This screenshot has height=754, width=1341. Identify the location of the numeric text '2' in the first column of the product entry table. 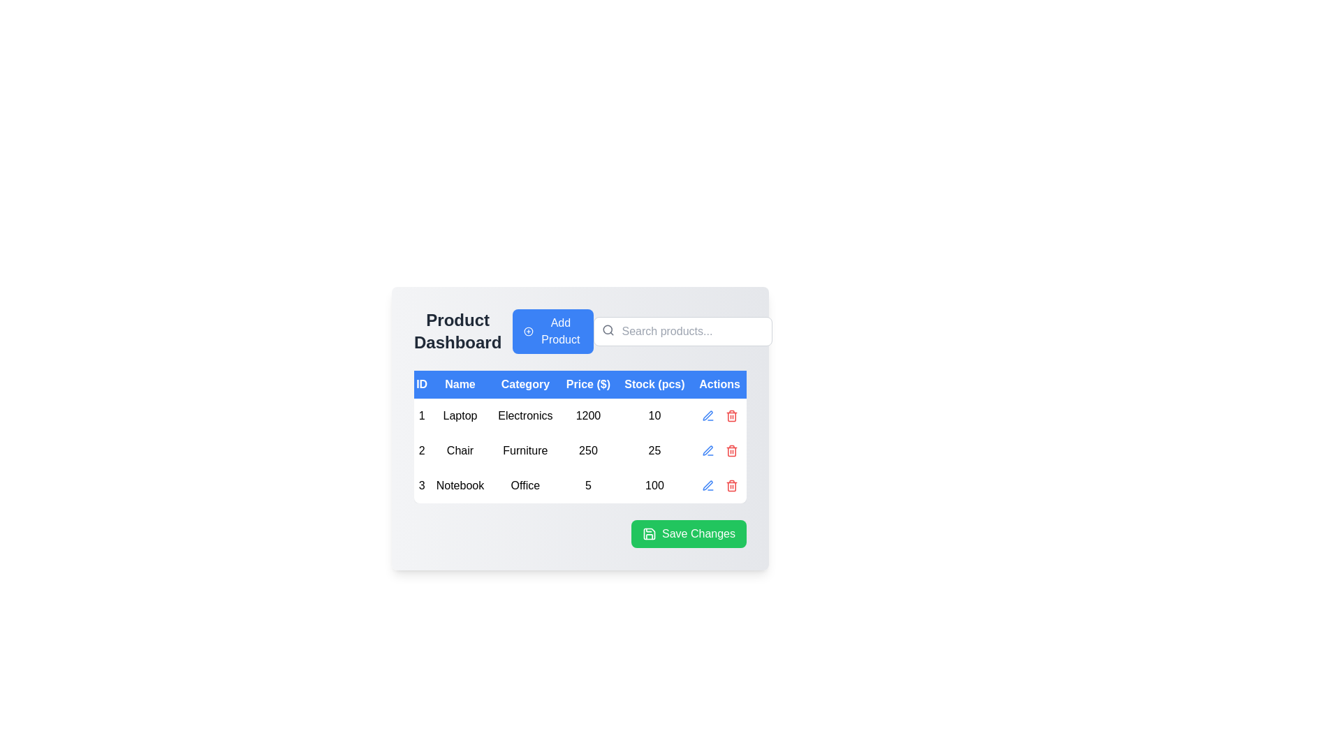
(421, 450).